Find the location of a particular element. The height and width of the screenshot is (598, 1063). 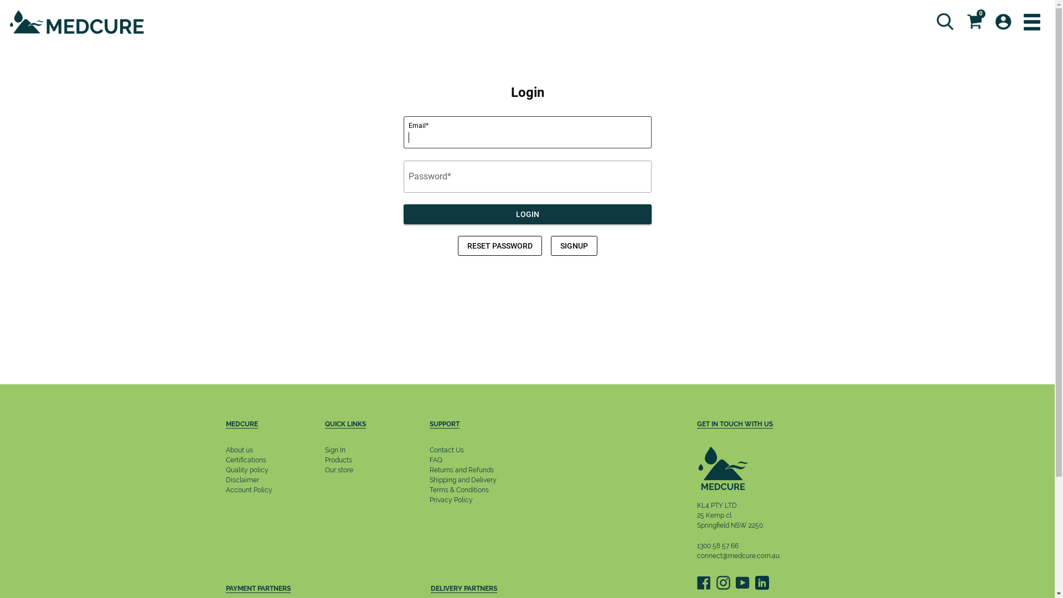

'Instagram' is located at coordinates (723, 582).